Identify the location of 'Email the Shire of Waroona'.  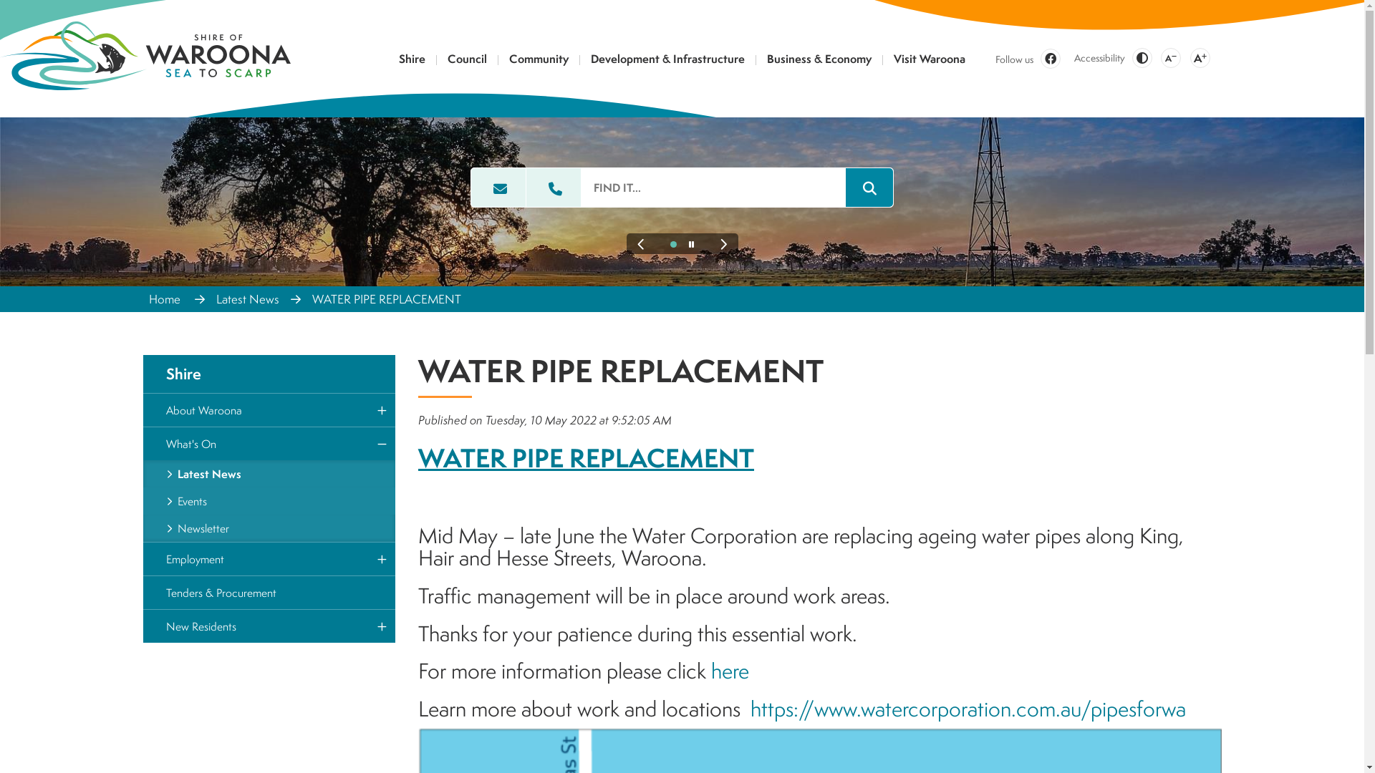
(498, 187).